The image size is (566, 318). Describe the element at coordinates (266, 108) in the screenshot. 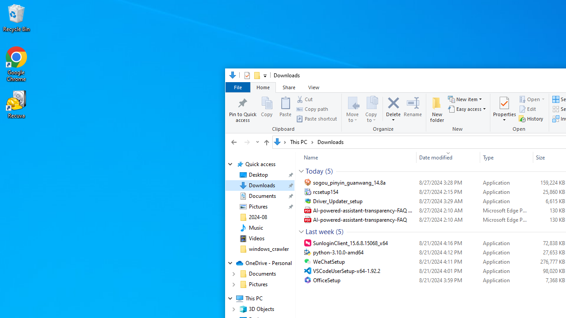

I see `'Copy'` at that location.